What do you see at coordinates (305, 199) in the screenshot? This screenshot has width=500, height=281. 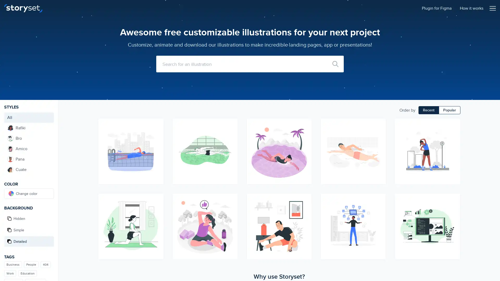 I see `wand icon Animate` at bounding box center [305, 199].